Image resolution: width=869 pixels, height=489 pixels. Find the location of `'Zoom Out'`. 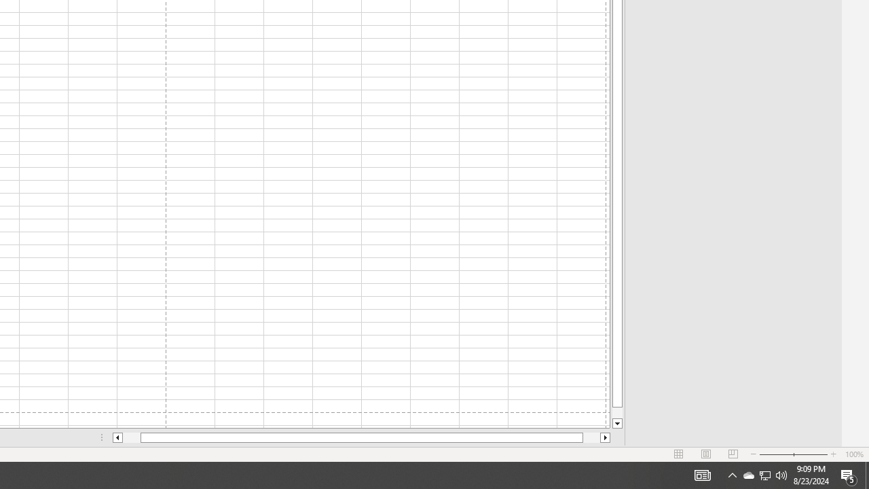

'Zoom Out' is located at coordinates (776, 454).